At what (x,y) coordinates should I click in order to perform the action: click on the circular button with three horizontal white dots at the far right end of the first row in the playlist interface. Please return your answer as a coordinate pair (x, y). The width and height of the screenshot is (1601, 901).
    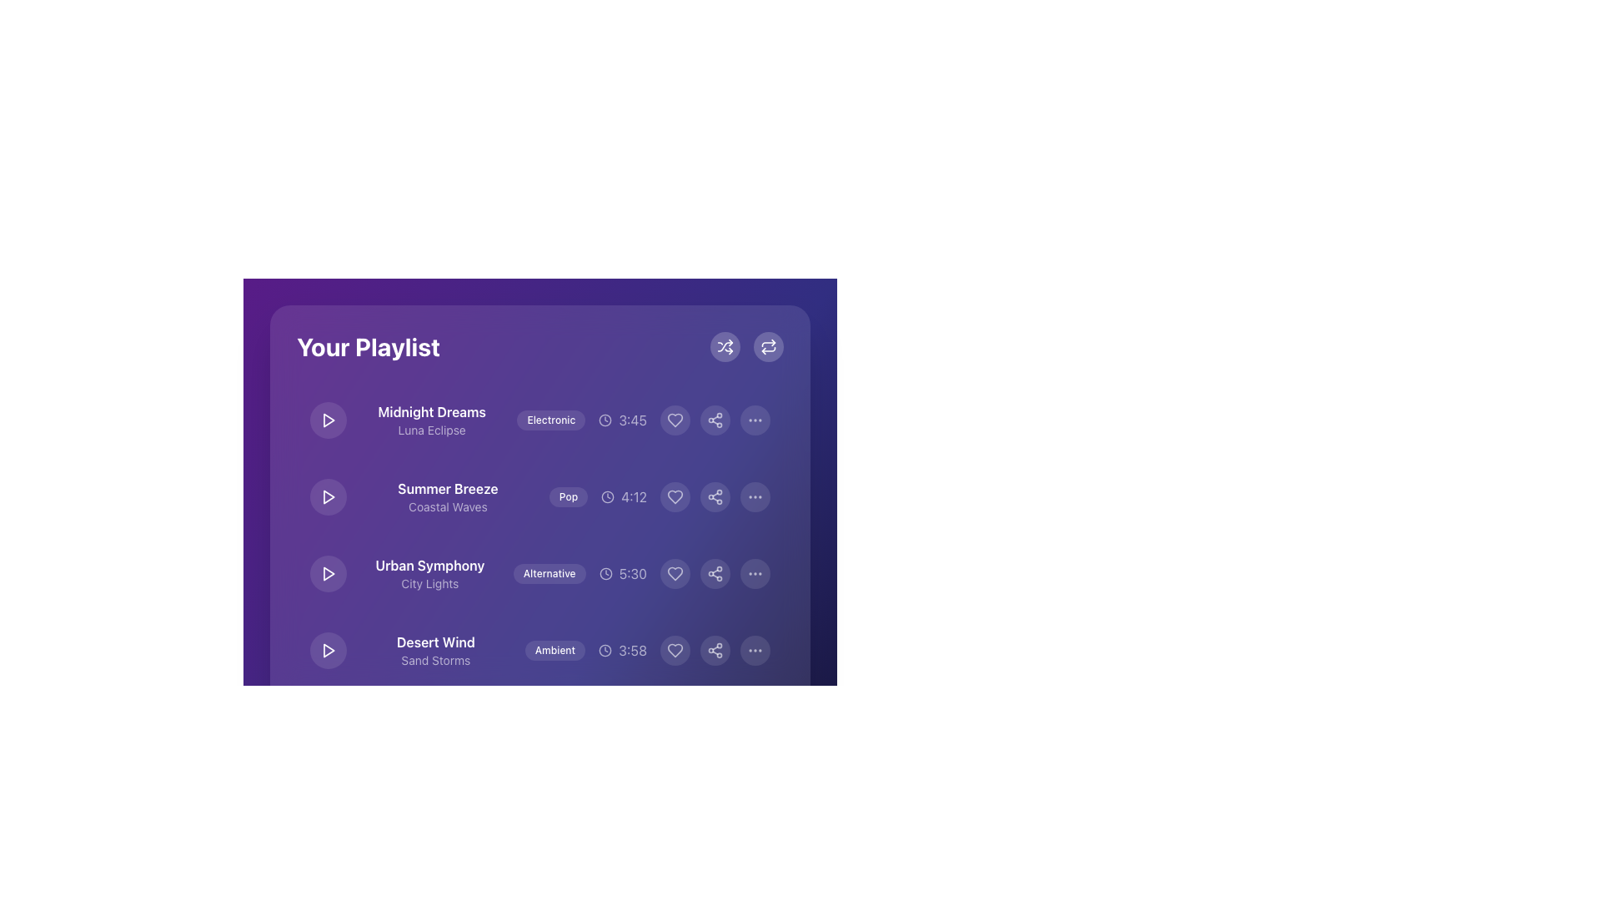
    Looking at the image, I should click on (755, 420).